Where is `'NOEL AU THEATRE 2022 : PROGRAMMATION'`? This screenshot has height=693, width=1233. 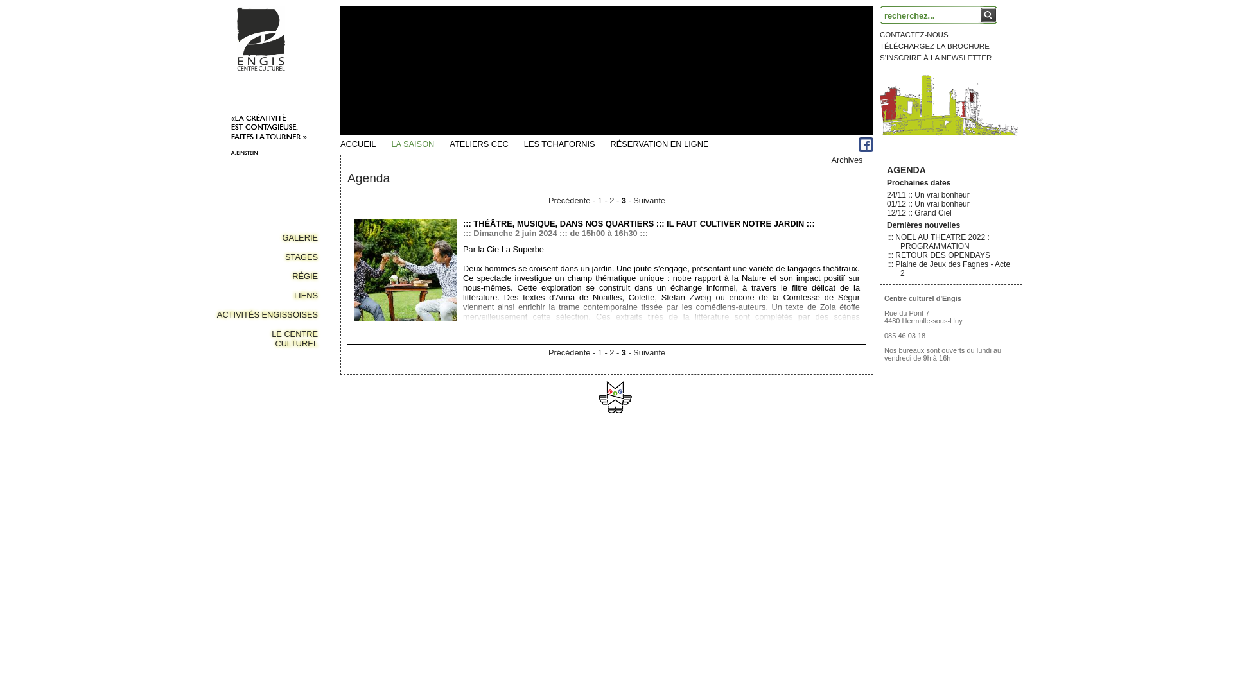
'NOEL AU THEATRE 2022 : PROGRAMMATION' is located at coordinates (942, 242).